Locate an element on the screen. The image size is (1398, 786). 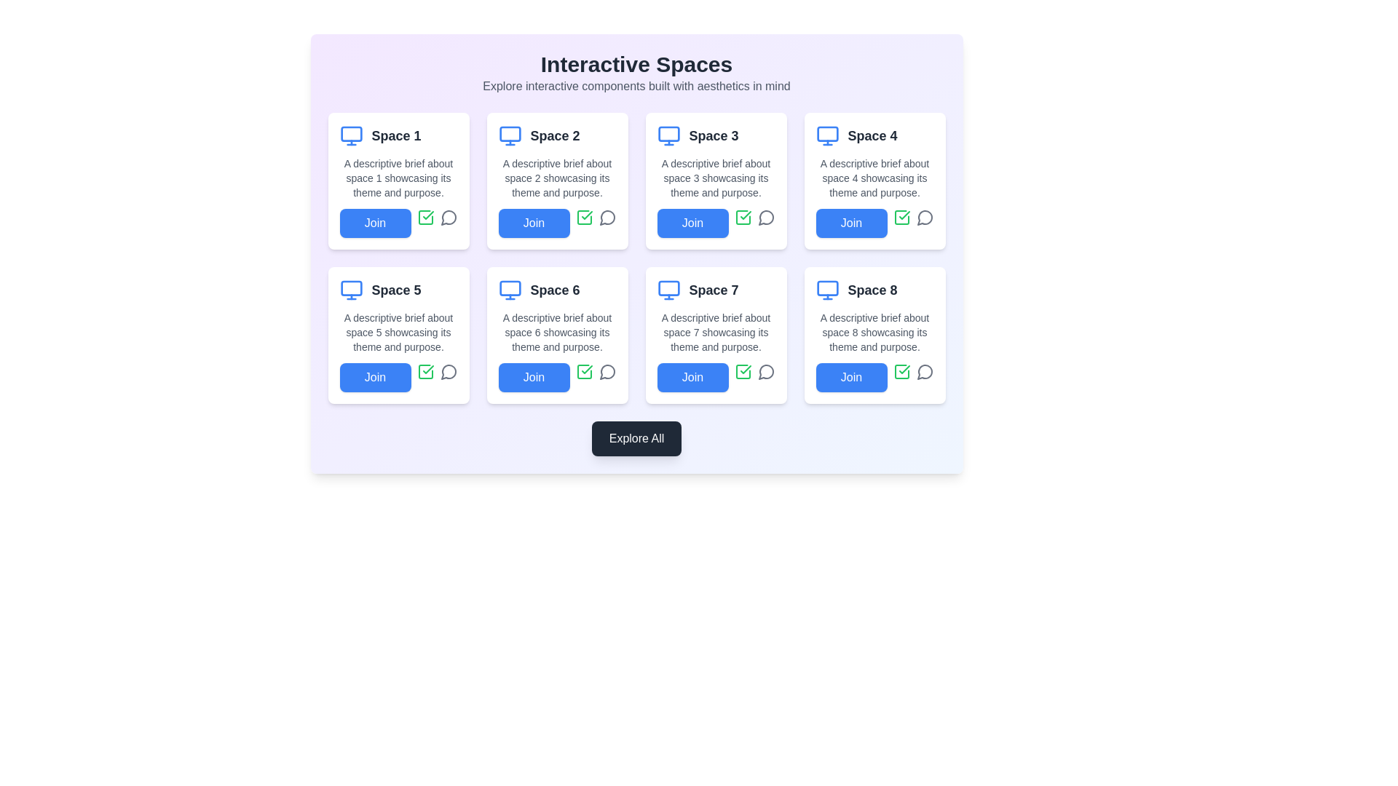
the SVG icon of a square with a checkmark located in the bottom-right area of the 'Space 4' card is located at coordinates (901, 218).